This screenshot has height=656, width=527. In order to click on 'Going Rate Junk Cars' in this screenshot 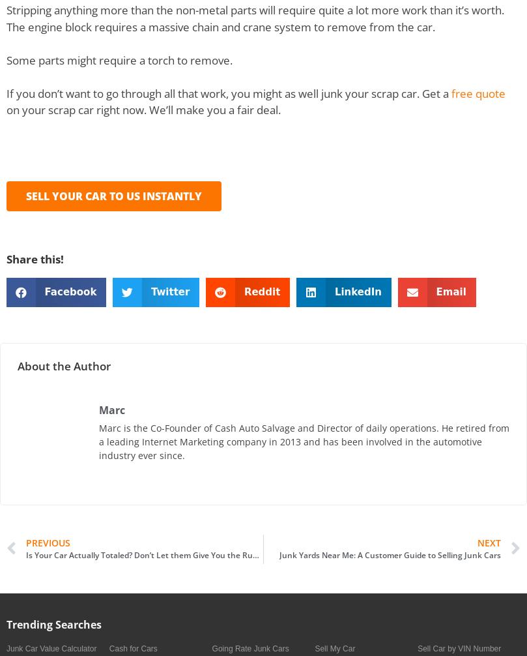, I will do `click(250, 648)`.